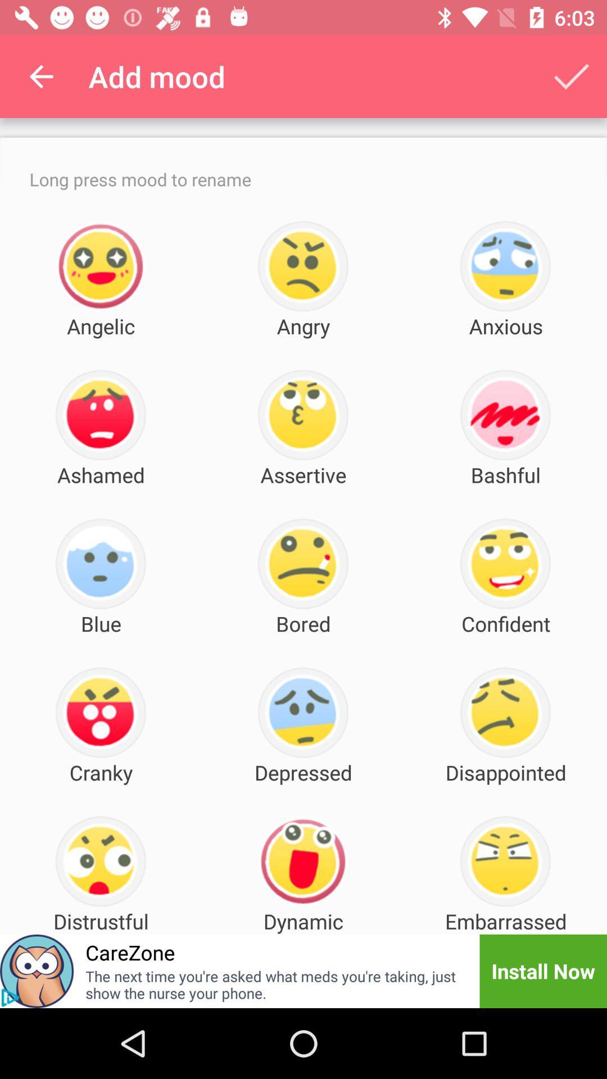 This screenshot has width=607, height=1079. Describe the element at coordinates (129, 951) in the screenshot. I see `the item to the left of dynamic icon` at that location.